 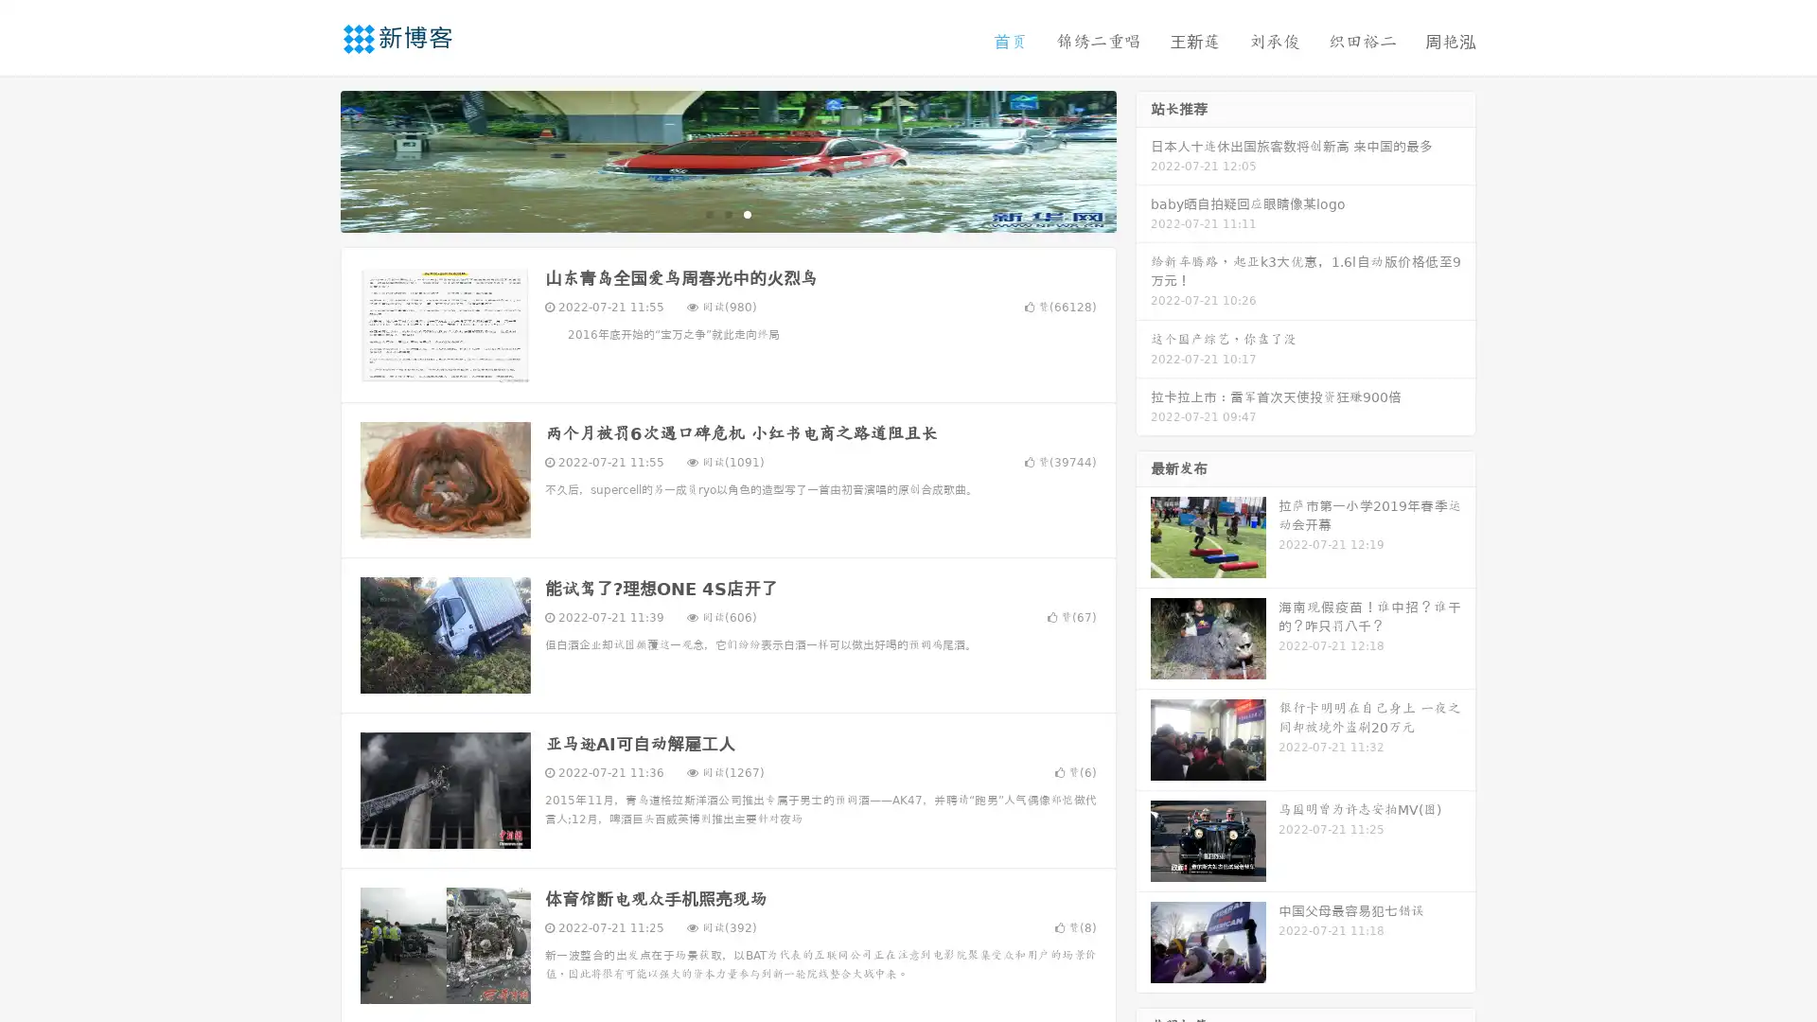 I want to click on Next slide, so click(x=1143, y=159).